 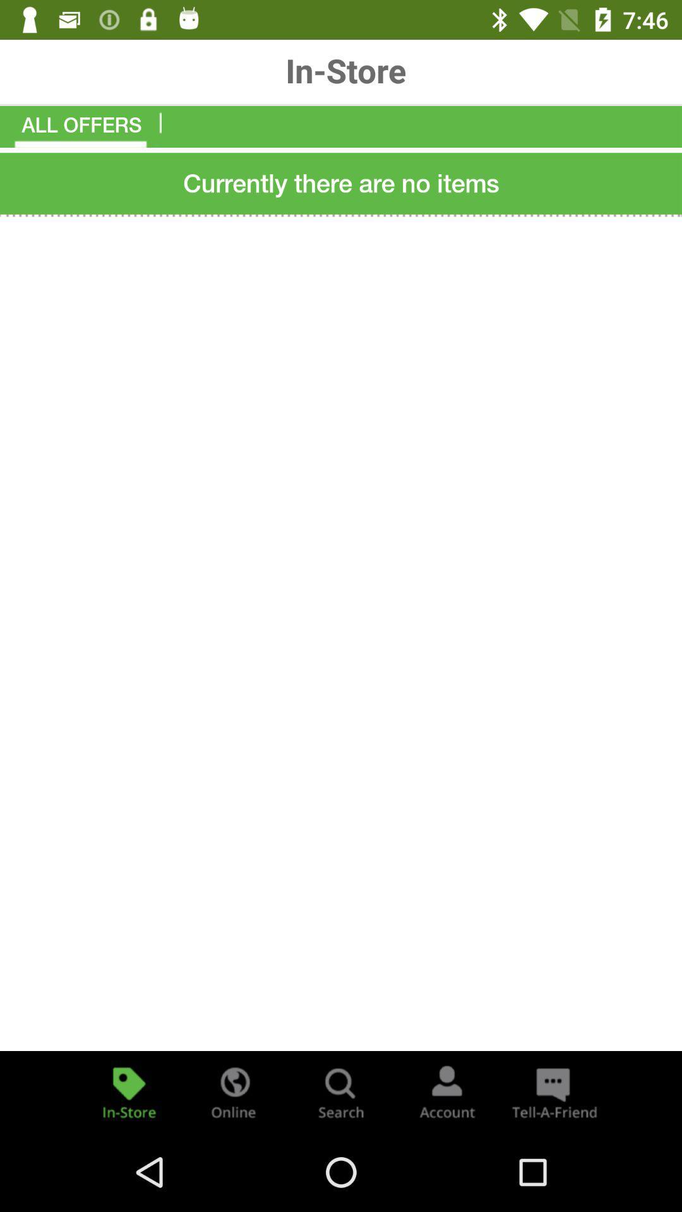 I want to click on search for item online, so click(x=234, y=1091).